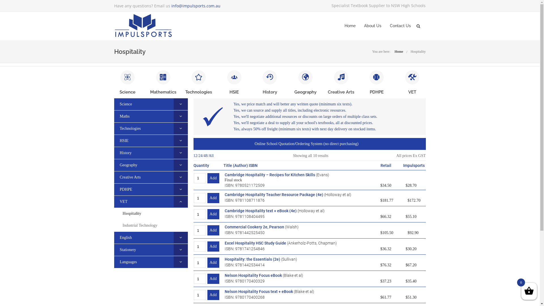 The height and width of the screenshot is (306, 544). I want to click on 'All', so click(211, 156).